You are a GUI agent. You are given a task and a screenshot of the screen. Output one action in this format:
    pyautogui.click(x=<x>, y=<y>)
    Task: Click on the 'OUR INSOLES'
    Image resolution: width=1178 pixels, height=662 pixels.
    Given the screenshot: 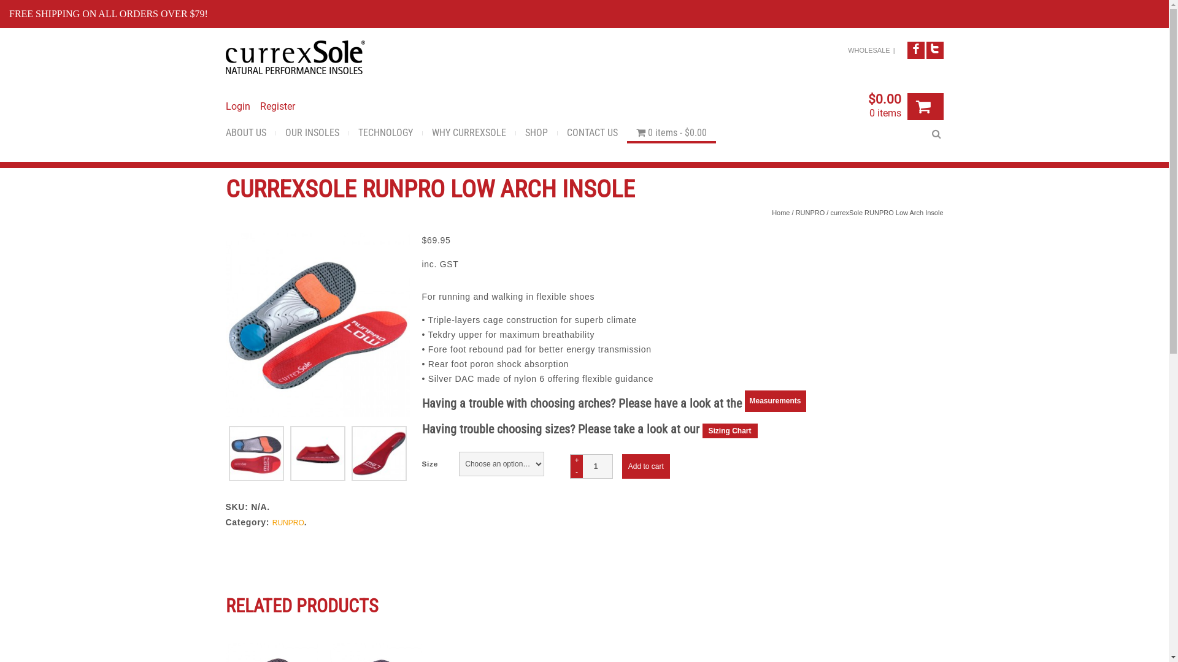 What is the action you would take?
    pyautogui.click(x=312, y=134)
    